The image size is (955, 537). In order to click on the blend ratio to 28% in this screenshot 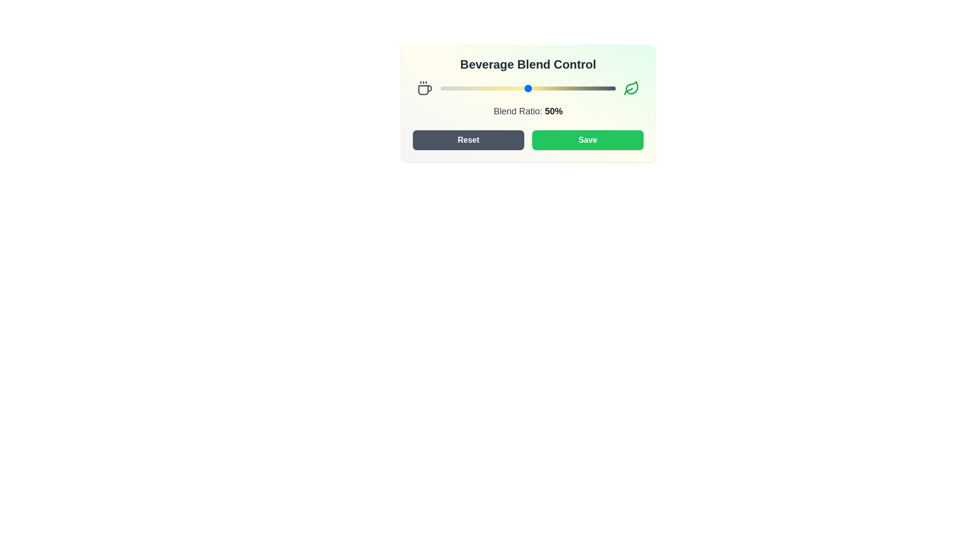, I will do `click(489, 88)`.